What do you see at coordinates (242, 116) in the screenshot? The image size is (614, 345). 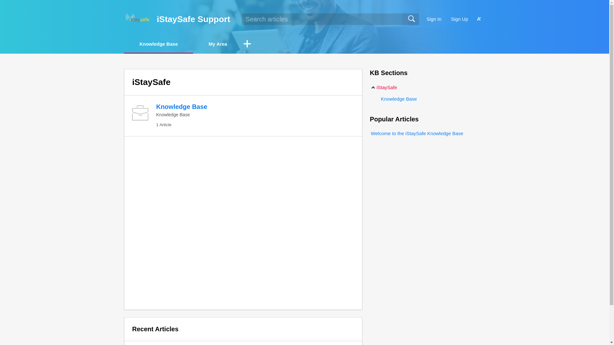 I see `'Knowledge Base` at bounding box center [242, 116].